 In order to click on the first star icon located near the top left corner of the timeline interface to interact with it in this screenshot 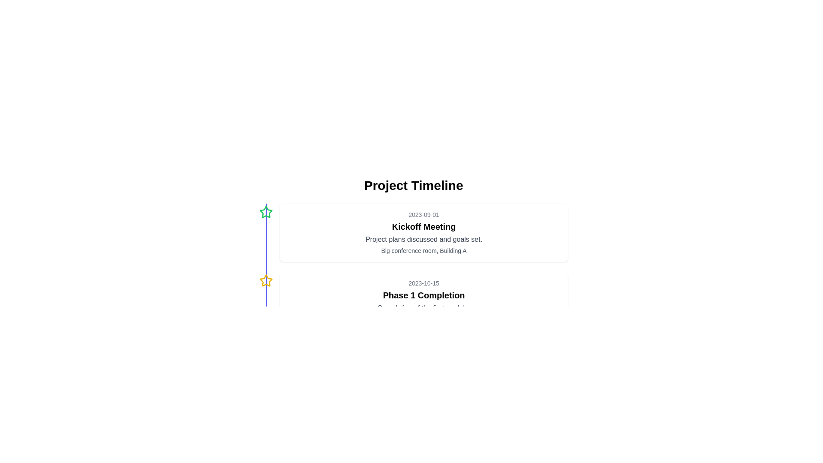, I will do `click(265, 212)`.